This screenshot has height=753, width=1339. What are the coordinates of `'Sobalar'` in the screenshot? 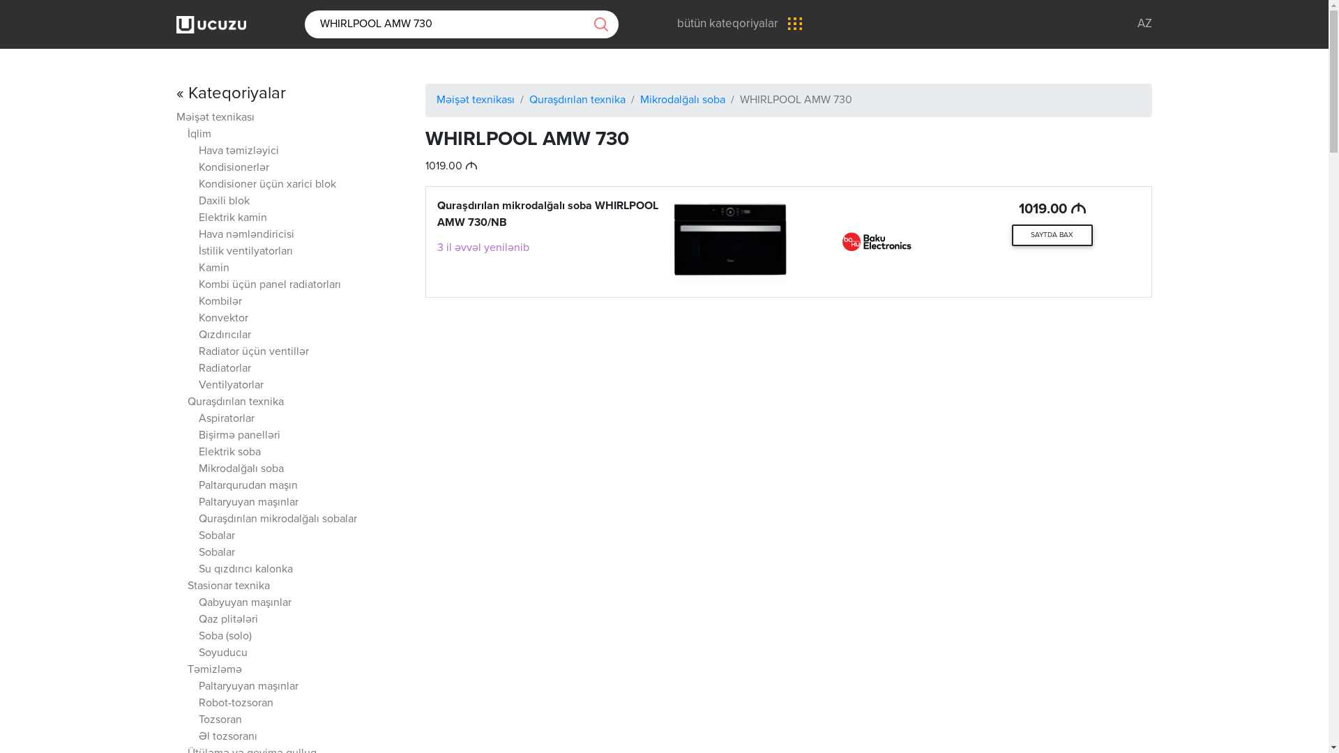 It's located at (216, 552).